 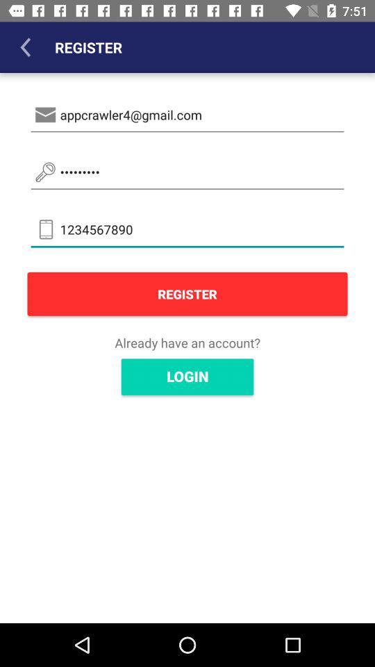 What do you see at coordinates (187, 114) in the screenshot?
I see `appcrawler4@gmail.com` at bounding box center [187, 114].